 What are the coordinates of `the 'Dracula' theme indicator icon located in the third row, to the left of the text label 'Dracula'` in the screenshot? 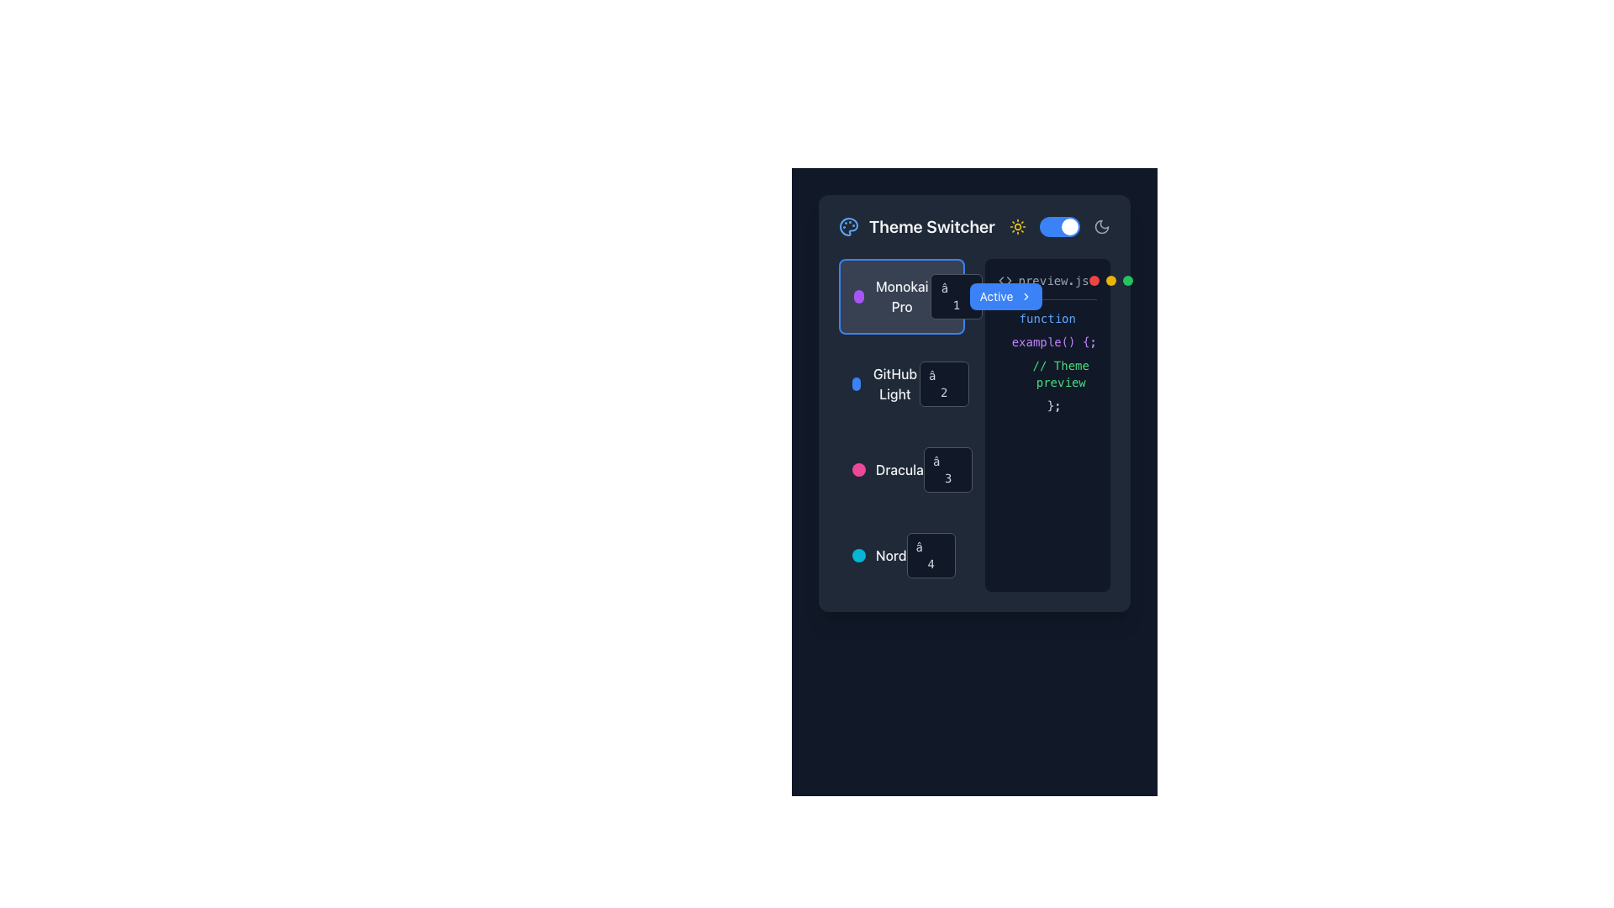 It's located at (859, 470).